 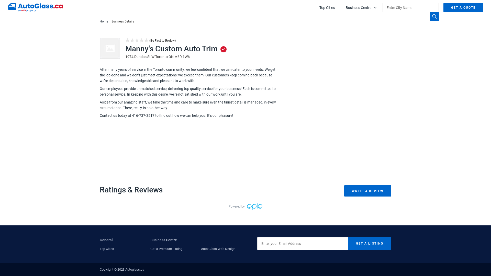 I want to click on 'Get a Premium Listing', so click(x=166, y=248).